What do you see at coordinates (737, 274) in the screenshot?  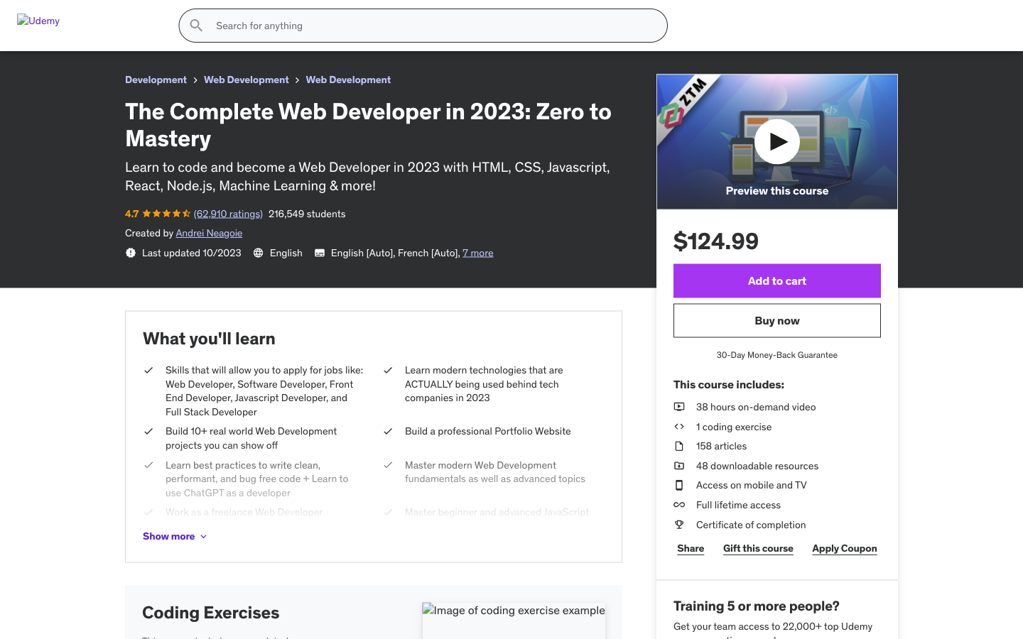 I see `the color aquamarine, select the size M, progress to subsequent images` at bounding box center [737, 274].